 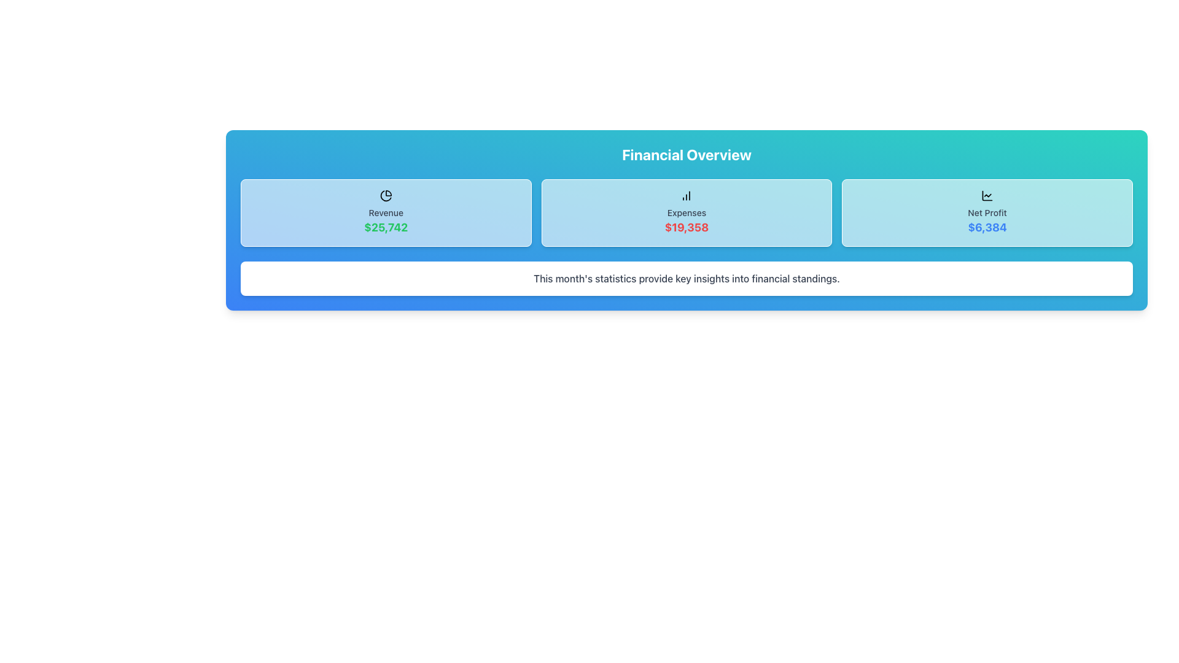 I want to click on the icon representing revenue data located within the 'Revenue' card, positioned above the 'Revenue' label and numerical value, so click(x=385, y=195).